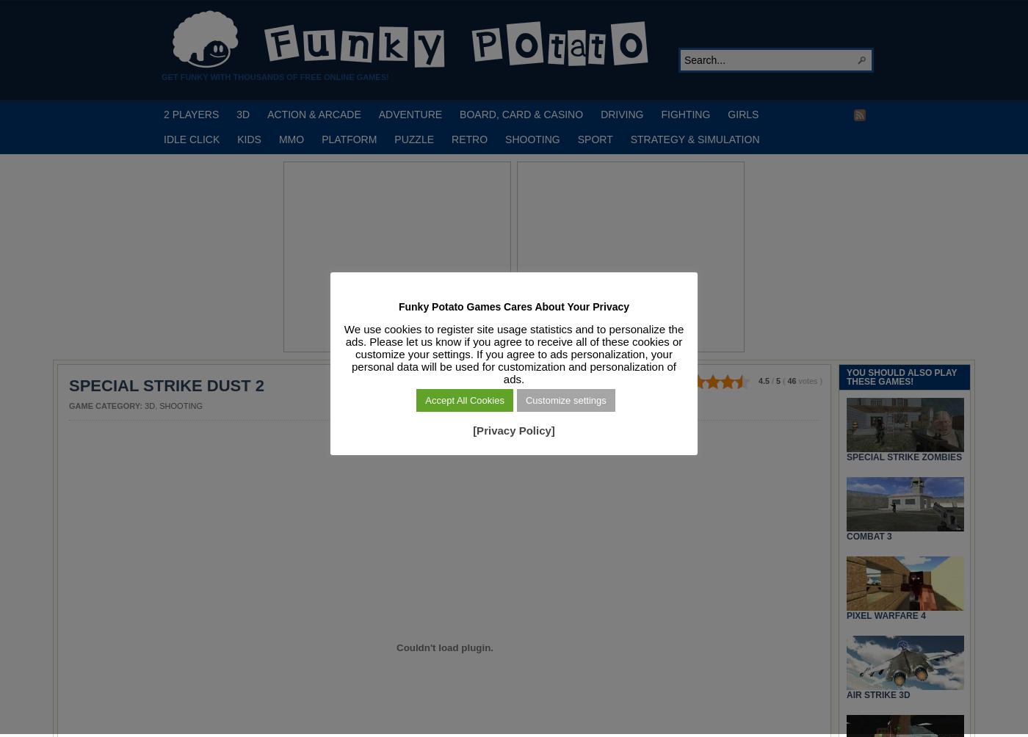  I want to click on 'AIR STRIKE 3D', so click(878, 693).